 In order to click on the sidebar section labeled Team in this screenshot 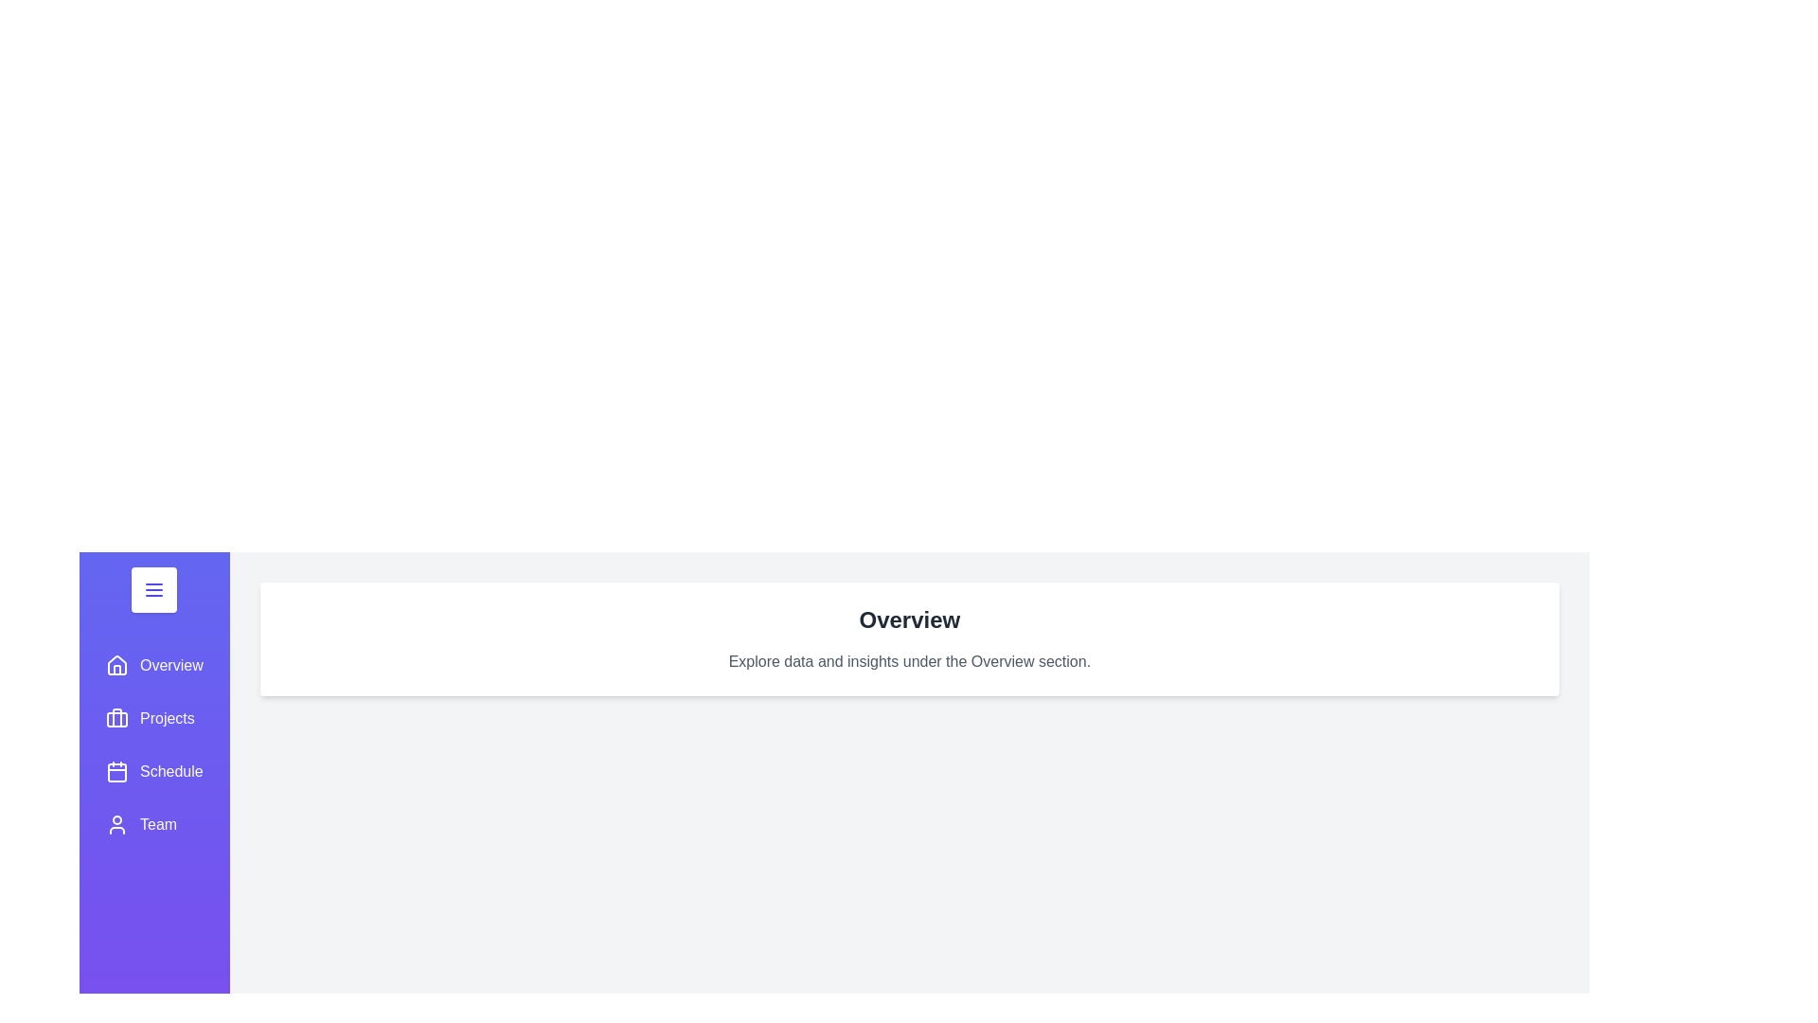, I will do `click(154, 824)`.